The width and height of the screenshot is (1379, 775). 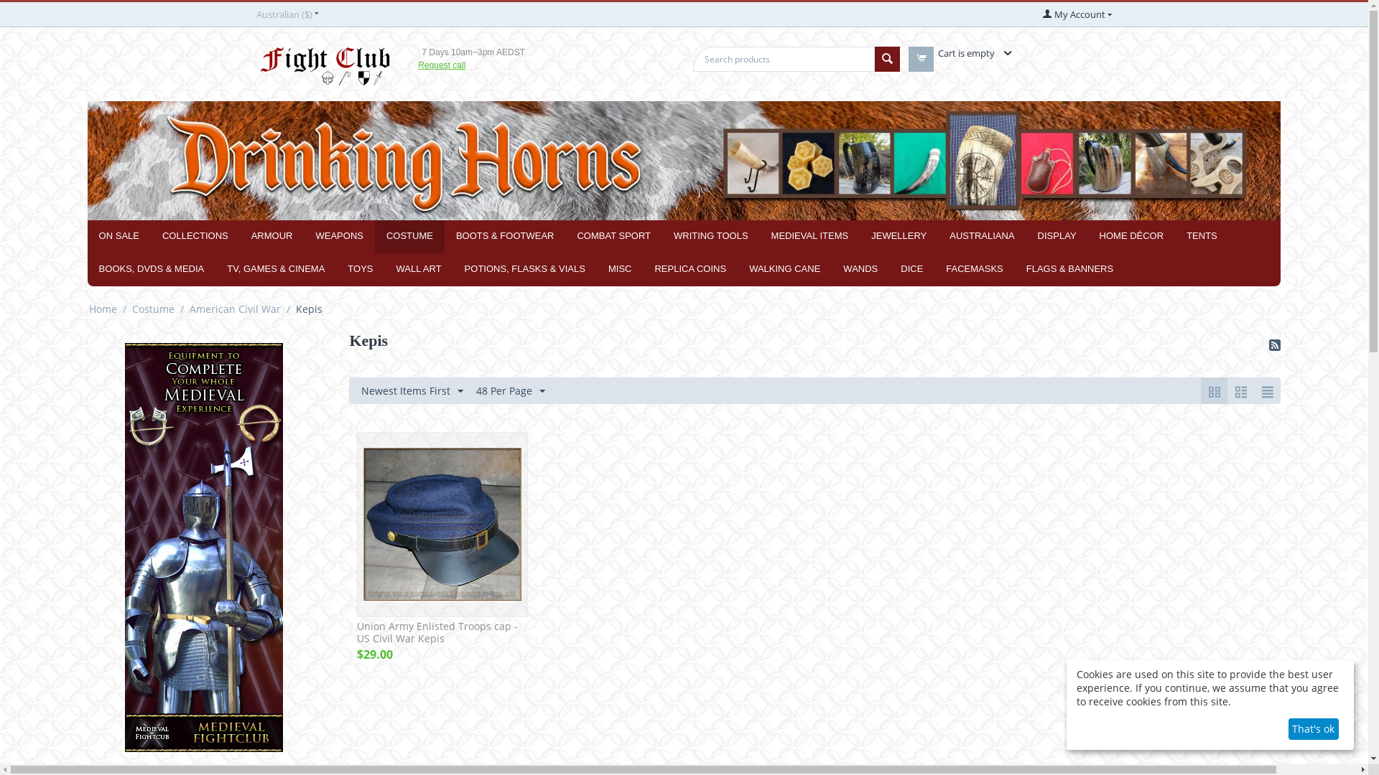 I want to click on 'TOYS', so click(x=360, y=269).